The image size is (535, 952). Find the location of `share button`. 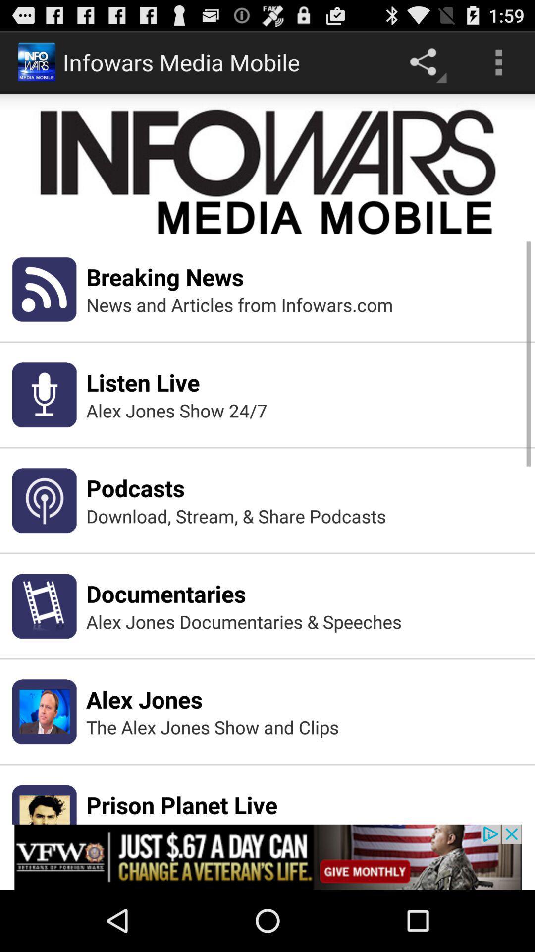

share button is located at coordinates (425, 61).